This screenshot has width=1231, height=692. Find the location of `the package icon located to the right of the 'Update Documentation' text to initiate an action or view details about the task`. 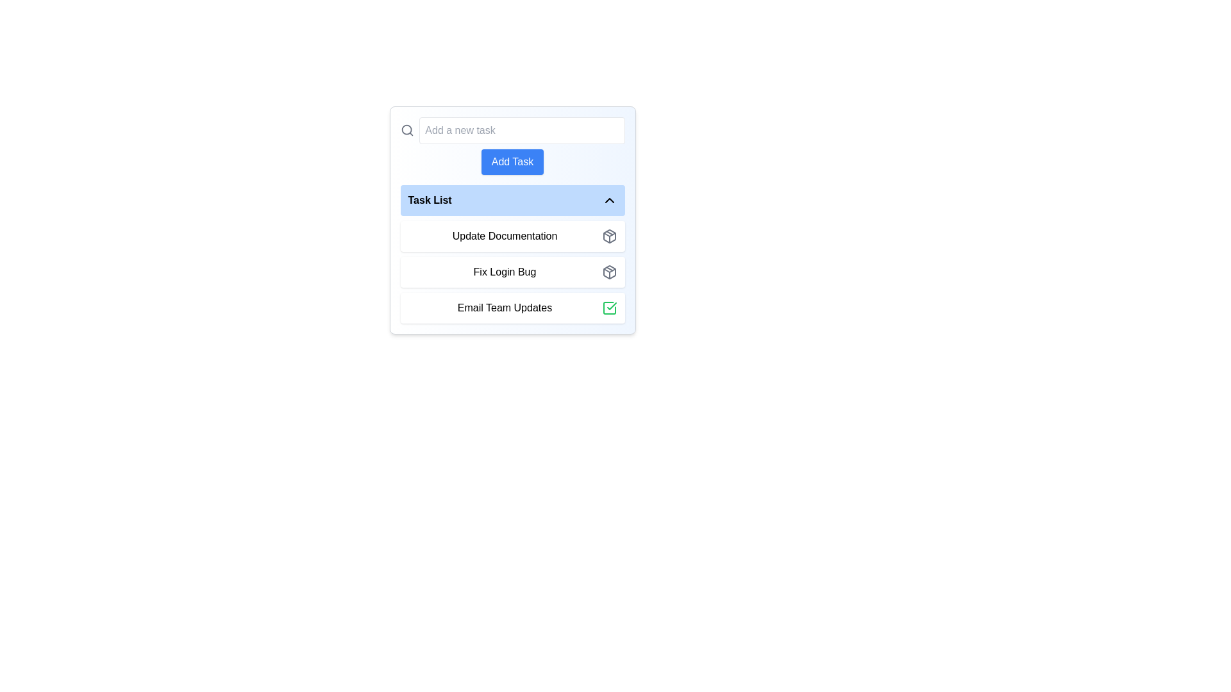

the package icon located to the right of the 'Update Documentation' text to initiate an action or view details about the task is located at coordinates (608, 236).